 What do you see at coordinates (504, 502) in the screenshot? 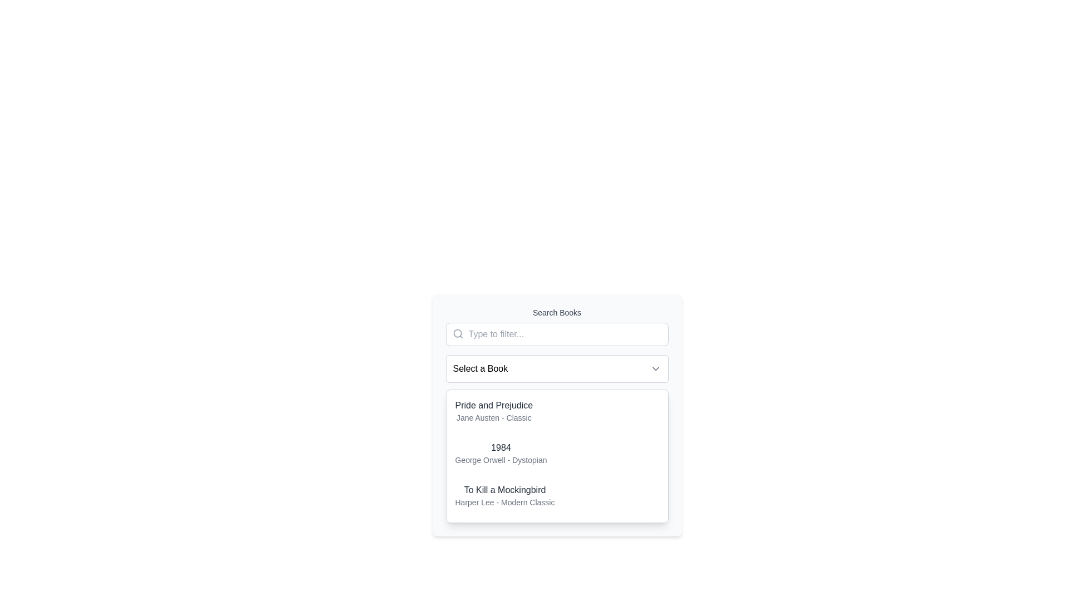
I see `text label providing additional details about the book 'To Kill a Mockingbird', which is located directly below the title text within the card element` at bounding box center [504, 502].